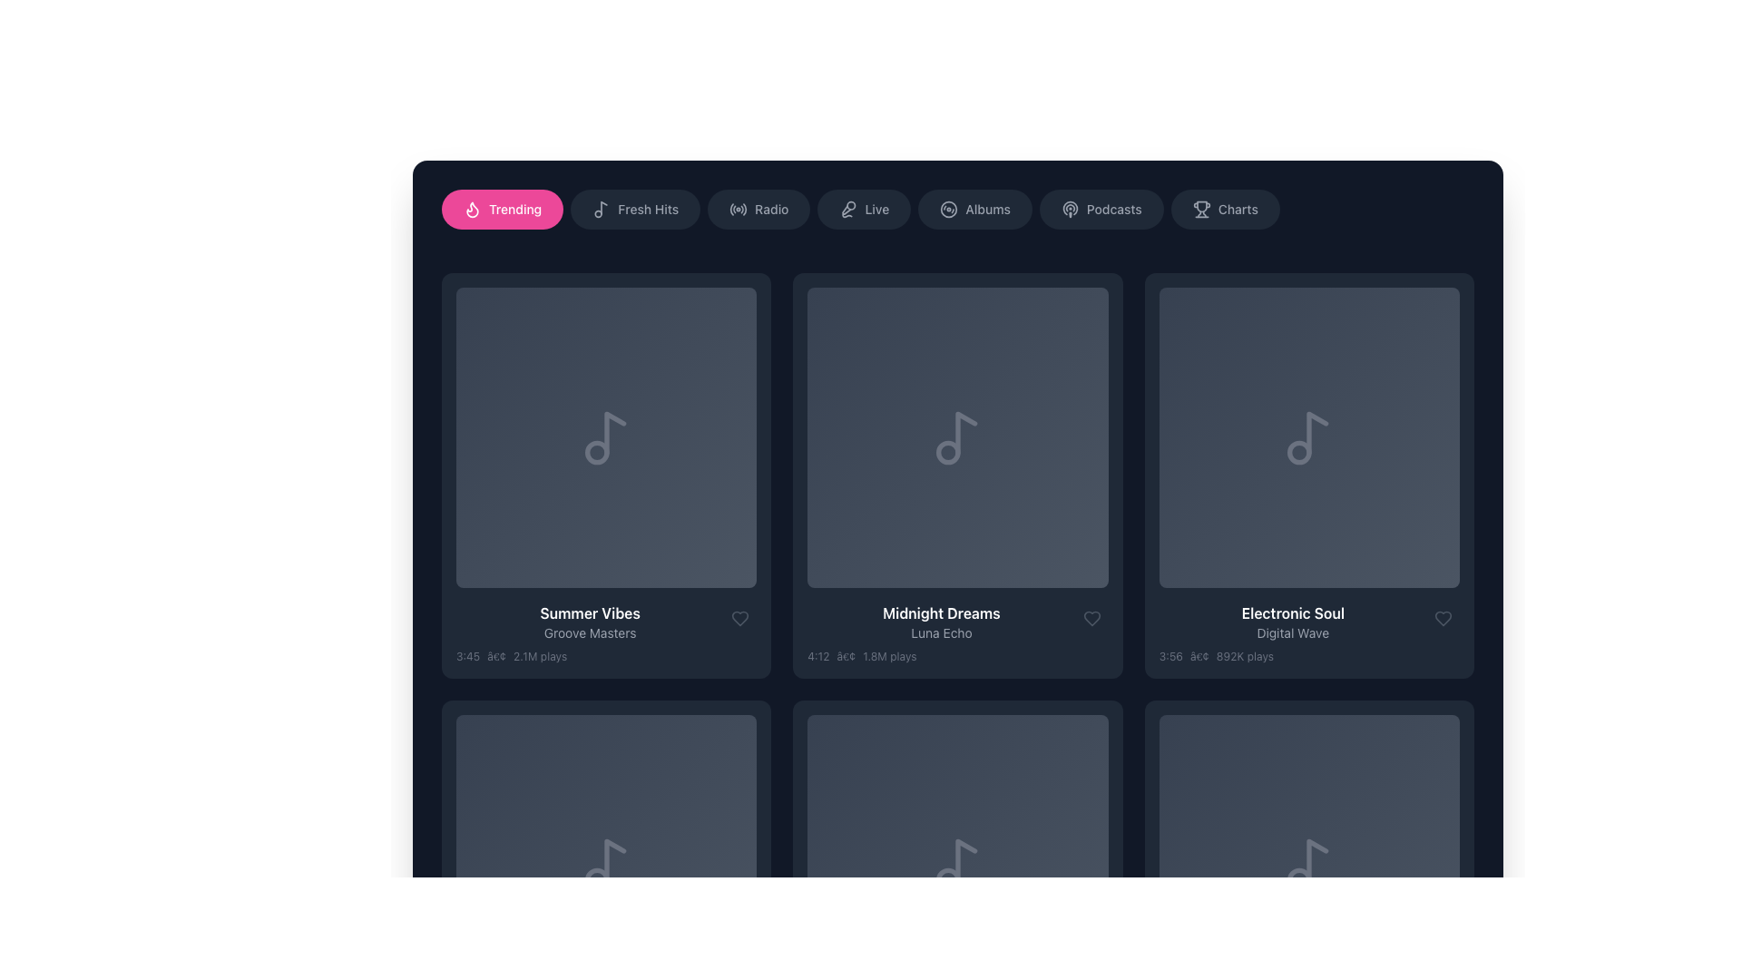  I want to click on the play button located in the center of the circular button on the album art thumbnail in the first column of the second row under the 'Trending' section, so click(608, 475).